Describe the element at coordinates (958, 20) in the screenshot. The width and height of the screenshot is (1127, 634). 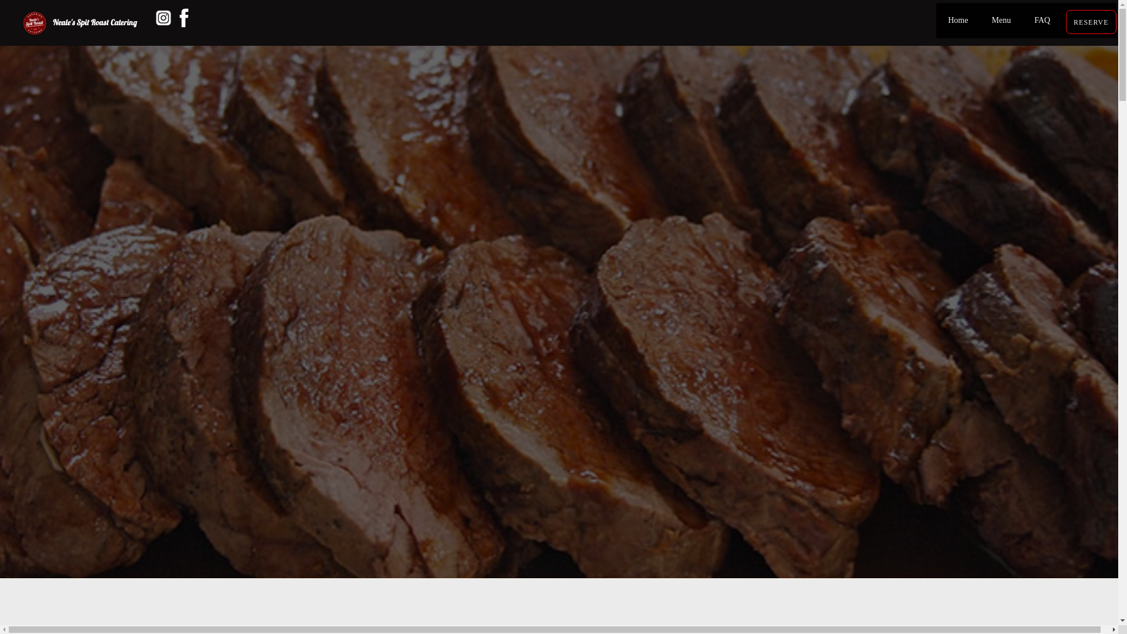
I see `'Home'` at that location.